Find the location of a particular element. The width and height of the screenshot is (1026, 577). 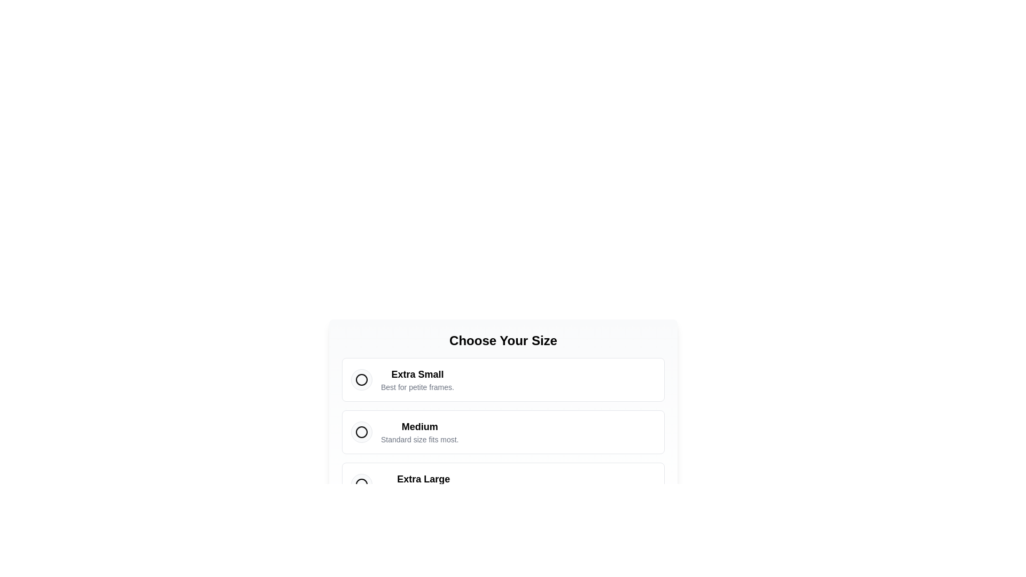

the static text element displaying 'Standard size fits most.' which is located directly below the 'Medium' text in the size options is located at coordinates (419, 439).